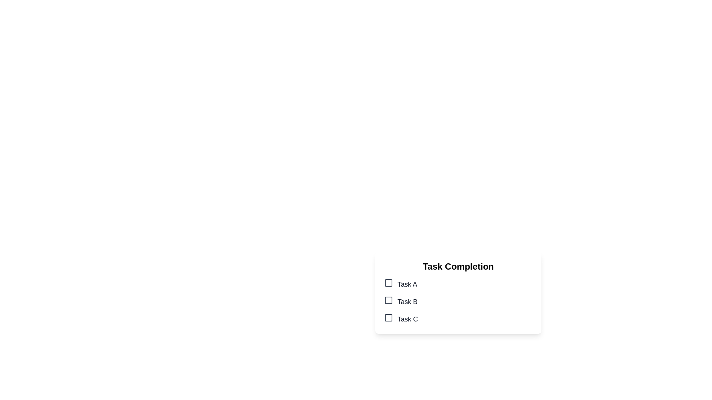  Describe the element at coordinates (388, 284) in the screenshot. I see `the checkbox that is visually represented as a small square with rounded edges and appears to be checked, located to the left of the text 'Task A' in a vertical list` at that location.